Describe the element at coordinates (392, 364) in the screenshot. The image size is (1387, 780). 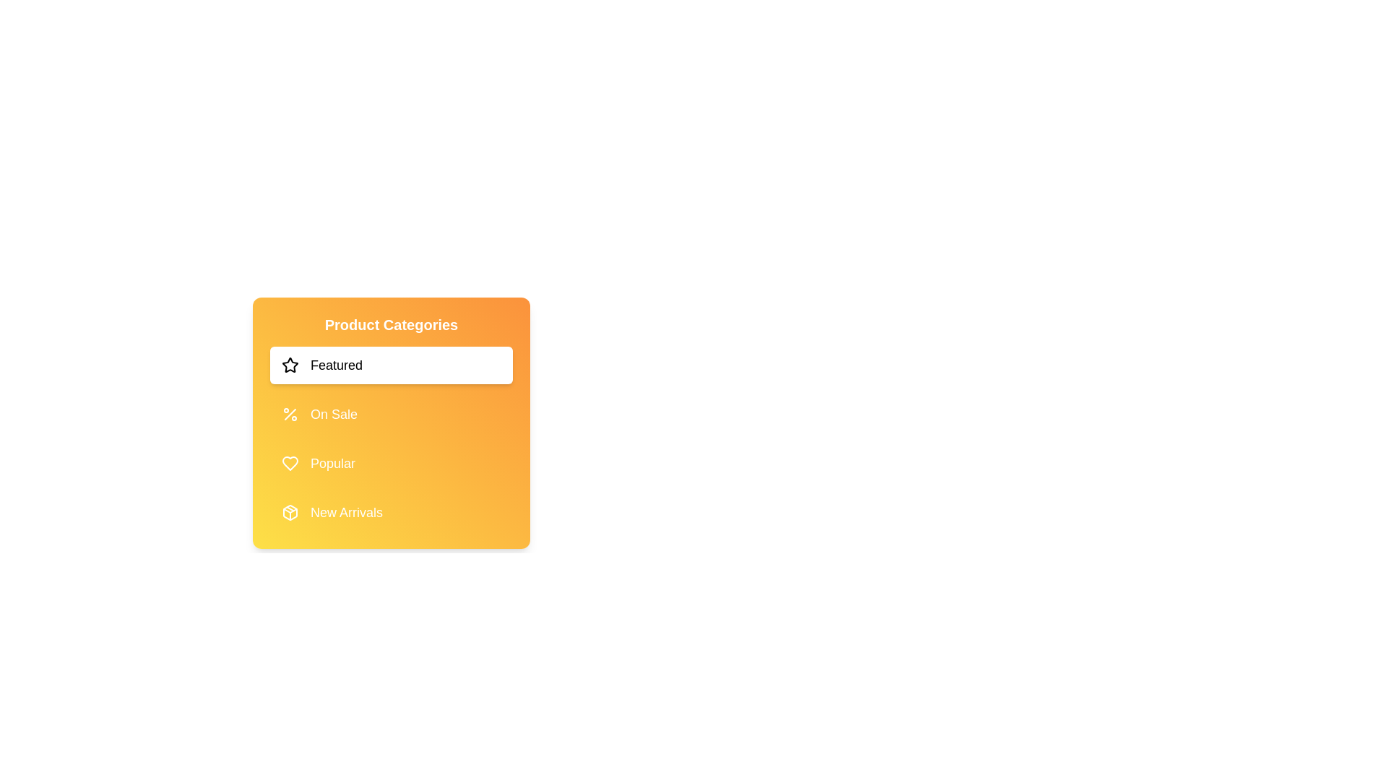
I see `the category Featured` at that location.